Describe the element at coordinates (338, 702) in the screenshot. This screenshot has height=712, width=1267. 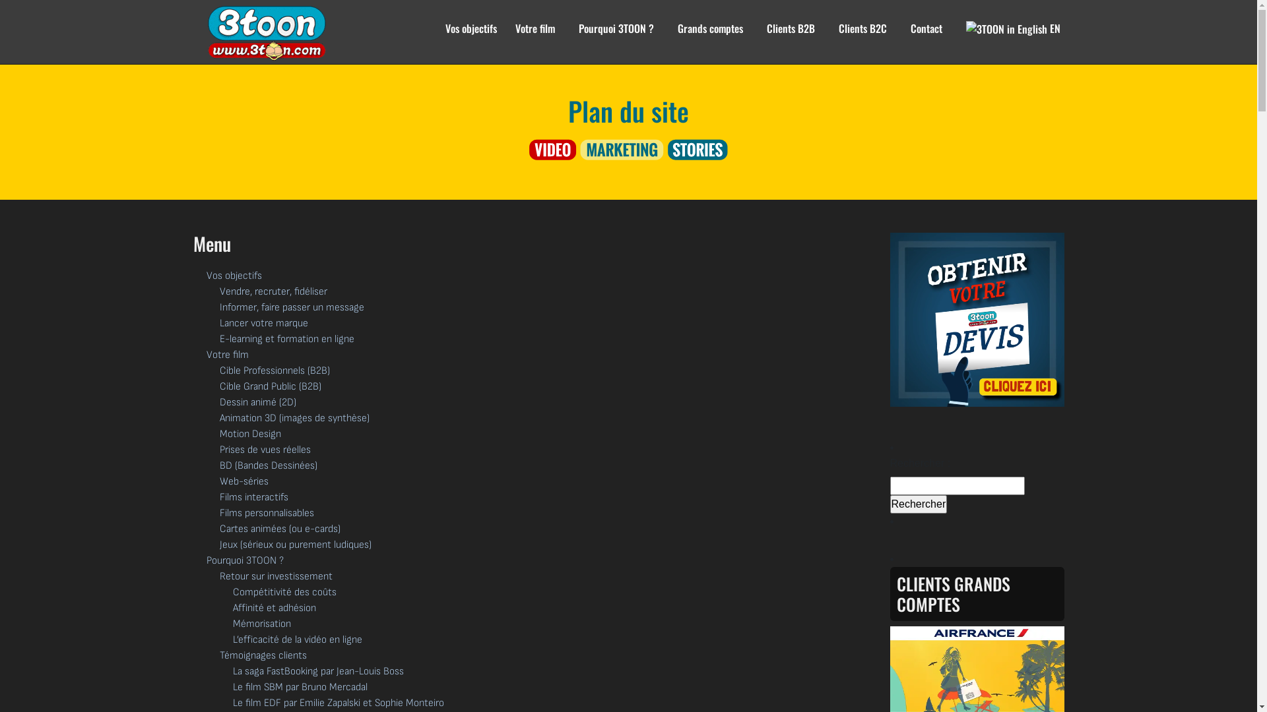
I see `'Le film EDF par Emilie Zapalski et Sophie Monteiro'` at that location.